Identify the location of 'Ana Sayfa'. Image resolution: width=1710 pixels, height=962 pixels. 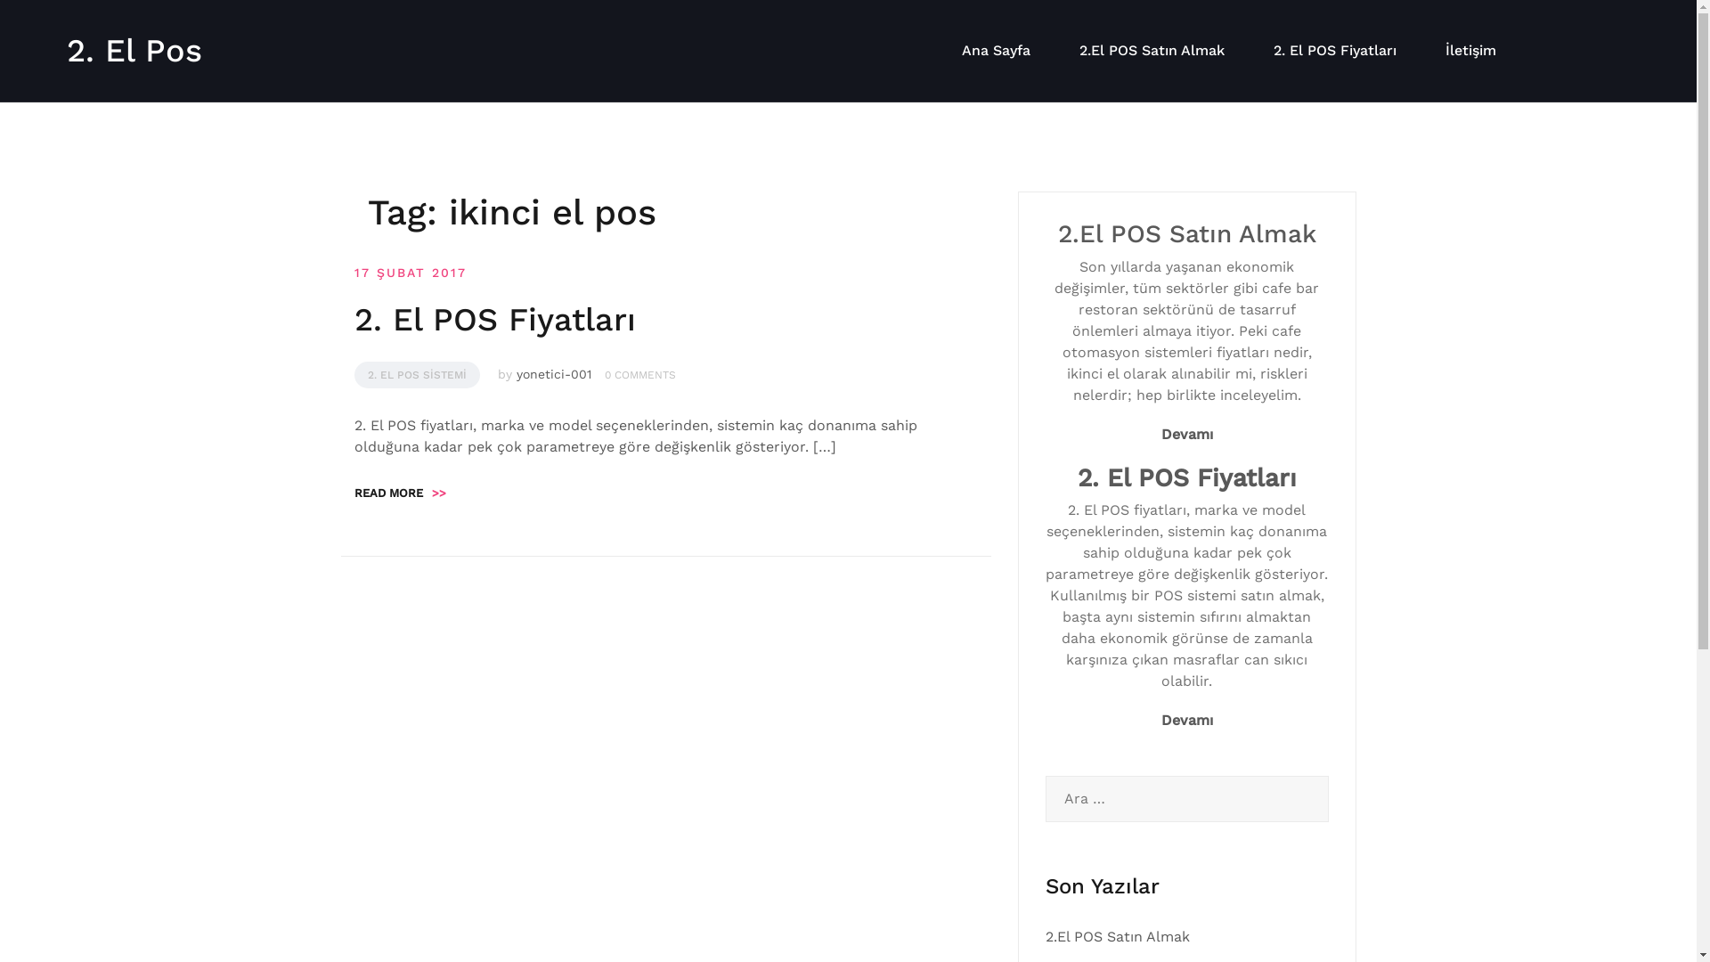
(995, 50).